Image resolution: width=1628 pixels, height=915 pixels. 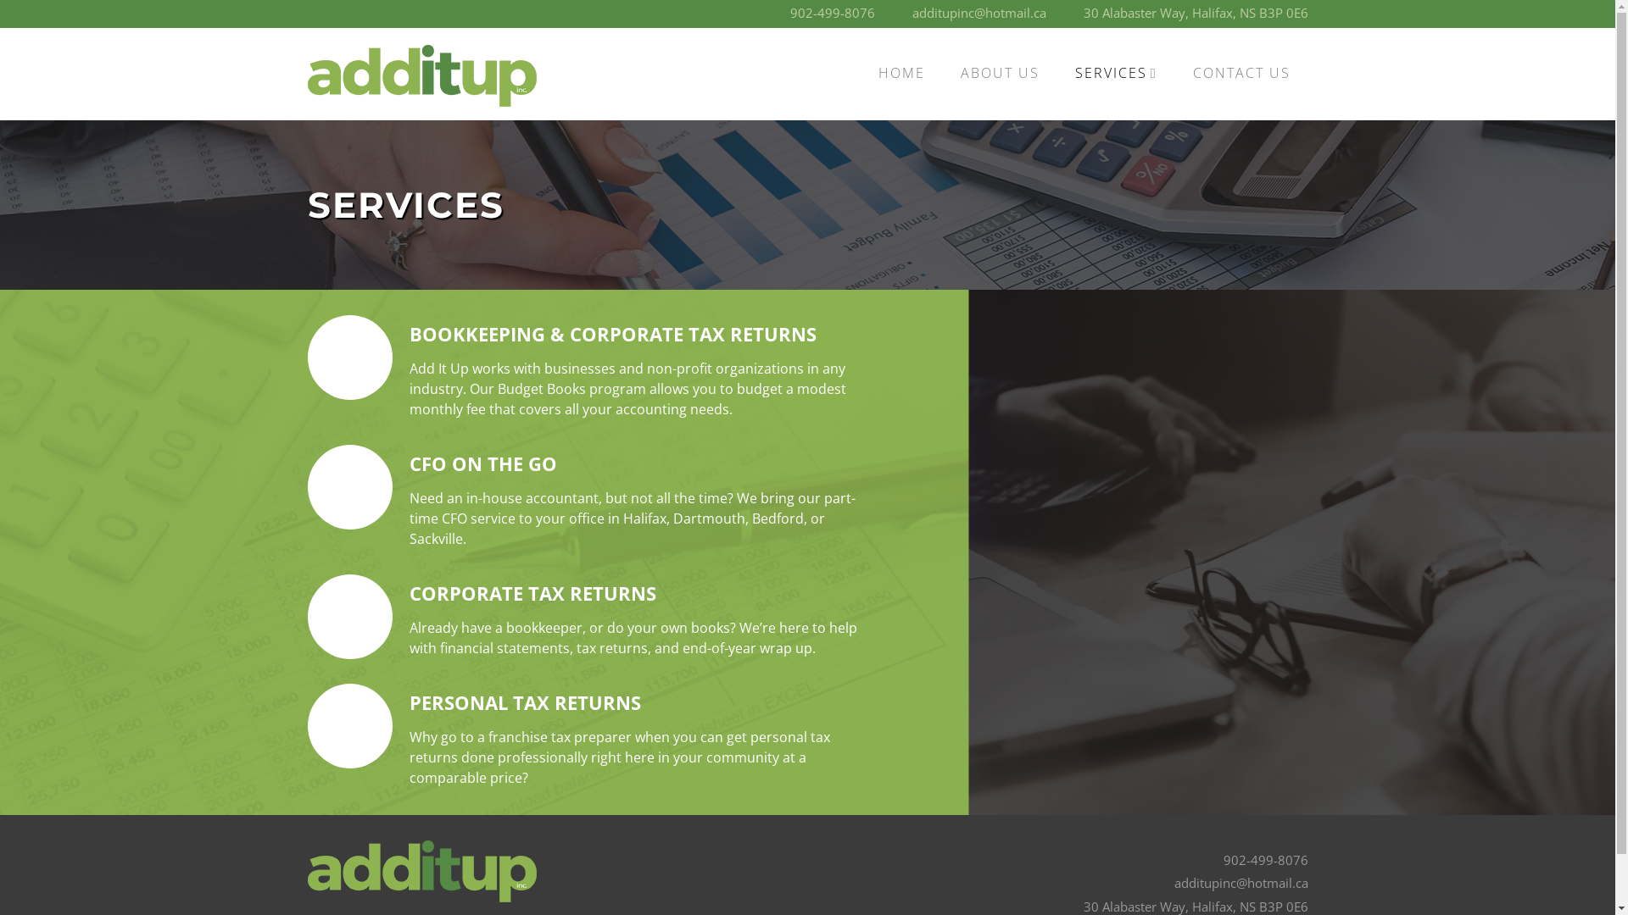 What do you see at coordinates (1265, 859) in the screenshot?
I see `'902-499-8076'` at bounding box center [1265, 859].